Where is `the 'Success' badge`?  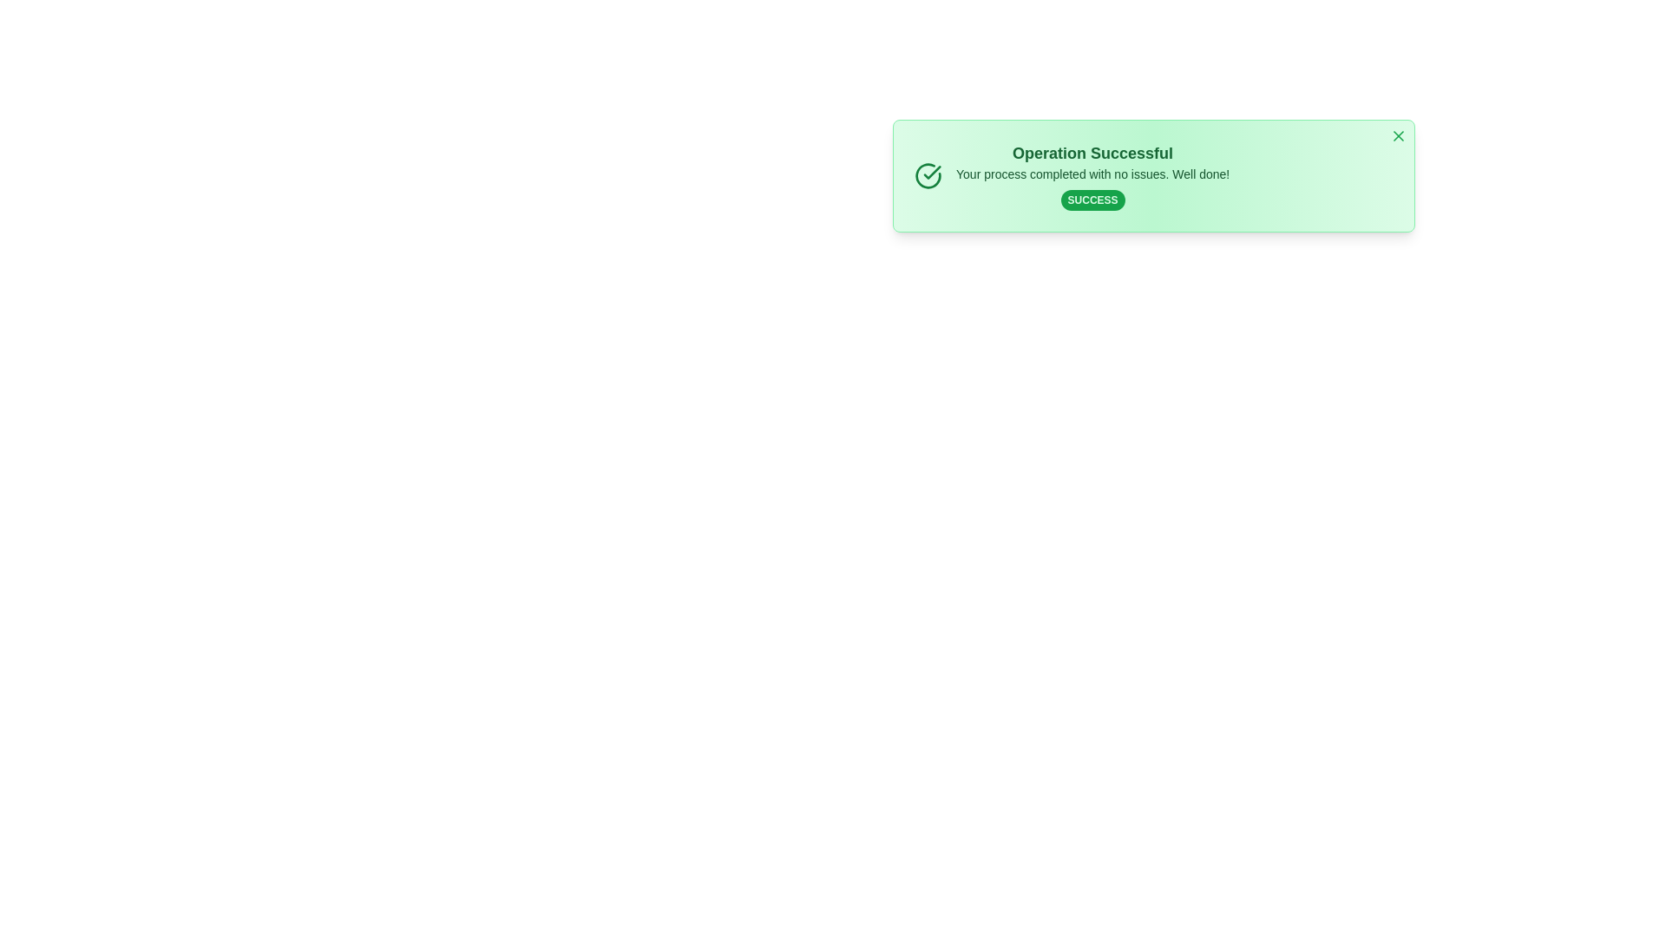 the 'Success' badge is located at coordinates (1091, 200).